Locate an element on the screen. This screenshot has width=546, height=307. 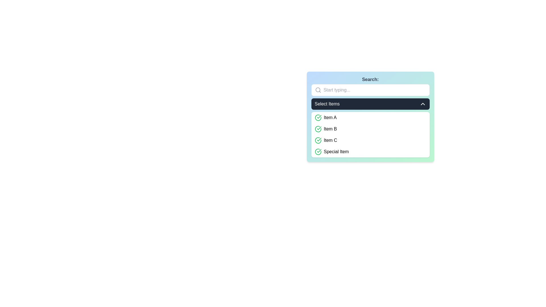
circular green icon with a white inner stroke located to the left of 'Item C' using developer tools is located at coordinates (318, 117).